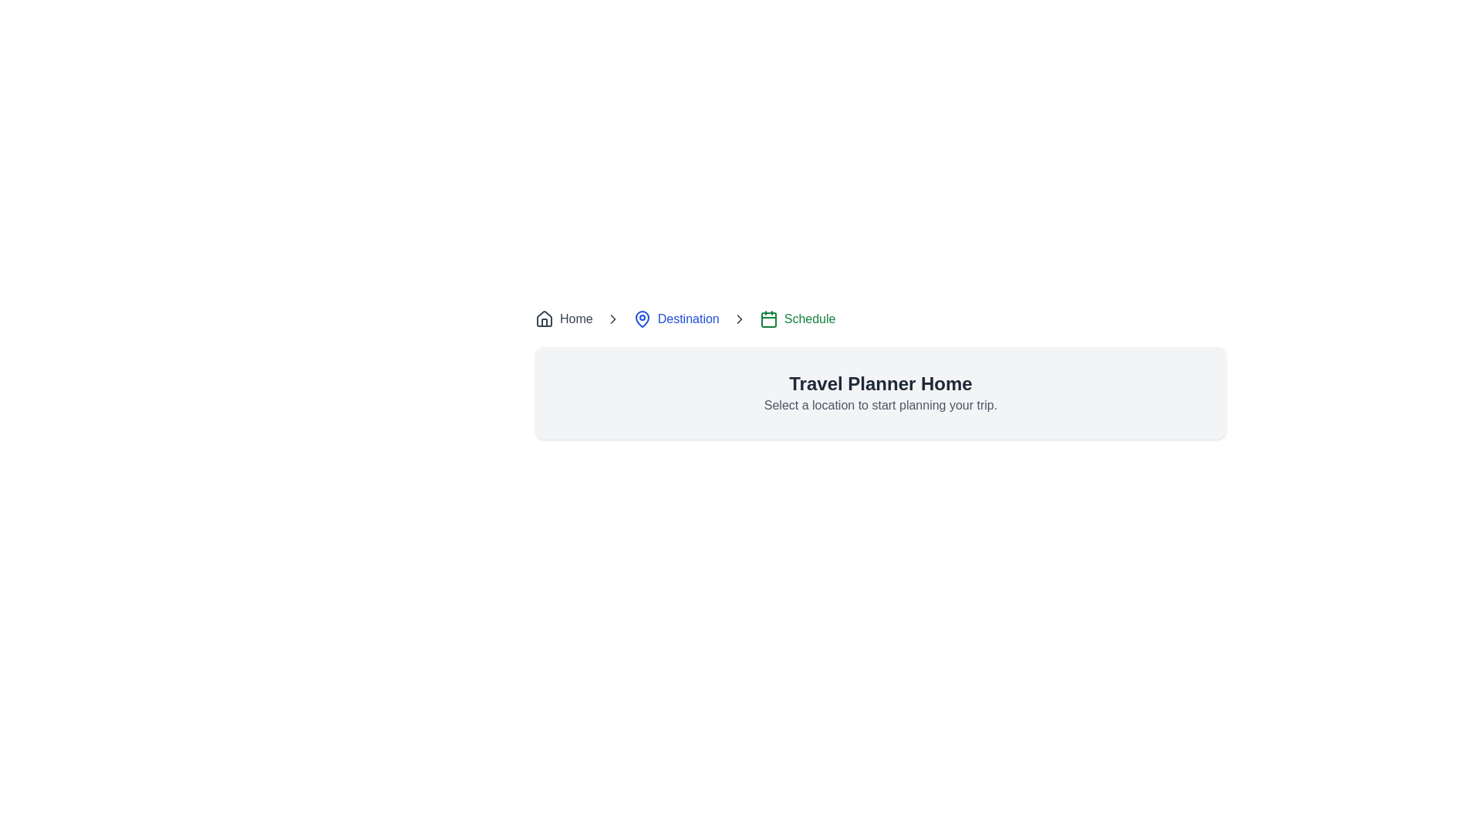  What do you see at coordinates (768, 319) in the screenshot?
I see `the calendar icon fragment represented as a rectangle in the SVG graphic, which is part of the navigation bar next to the 'Schedule' label` at bounding box center [768, 319].